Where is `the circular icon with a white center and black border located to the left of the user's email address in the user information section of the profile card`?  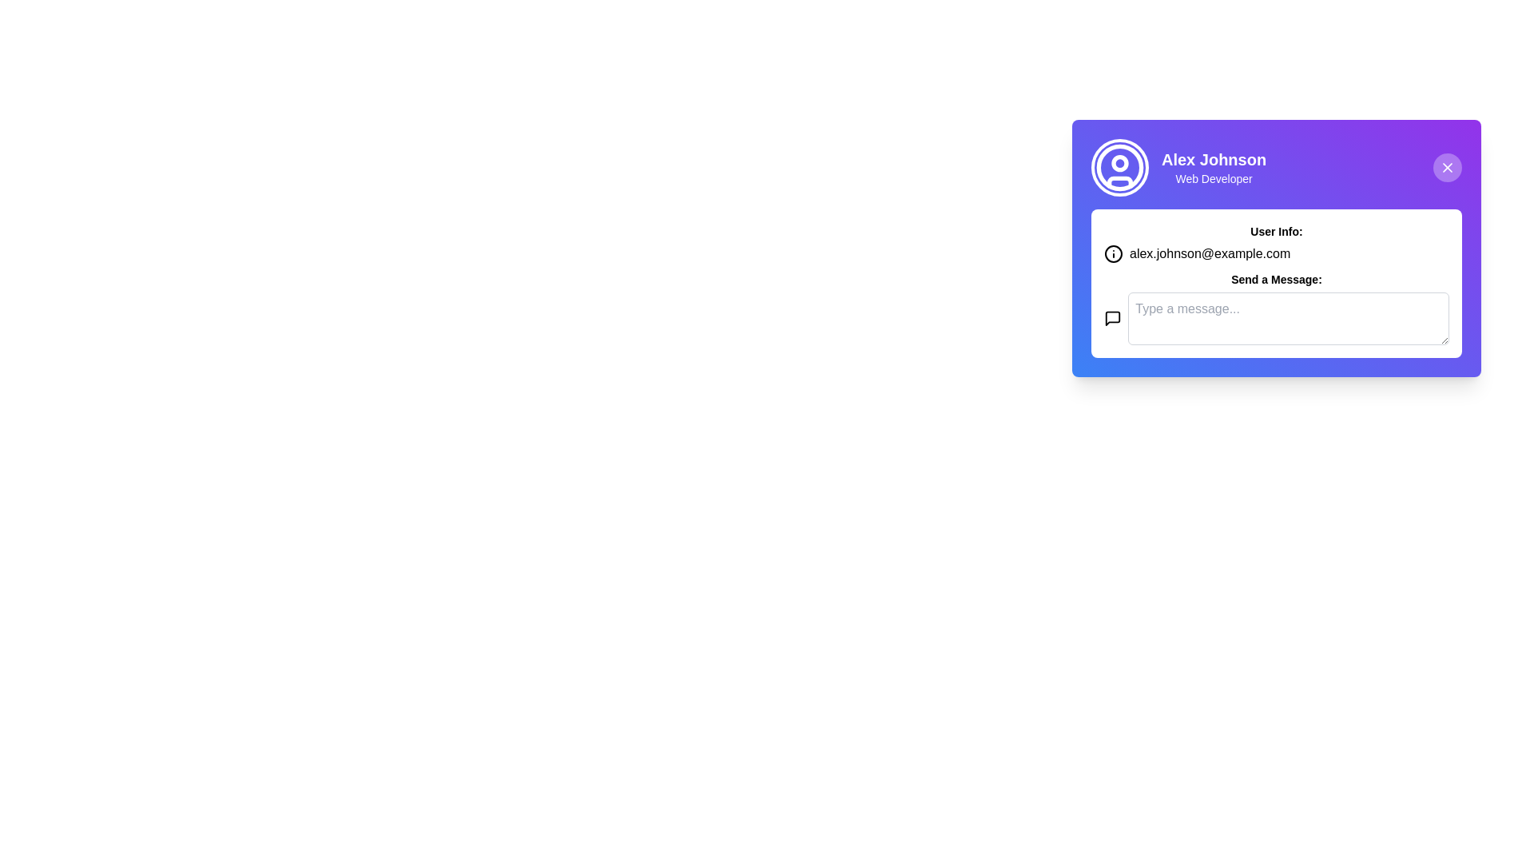 the circular icon with a white center and black border located to the left of the user's email address in the user information section of the profile card is located at coordinates (1112, 253).